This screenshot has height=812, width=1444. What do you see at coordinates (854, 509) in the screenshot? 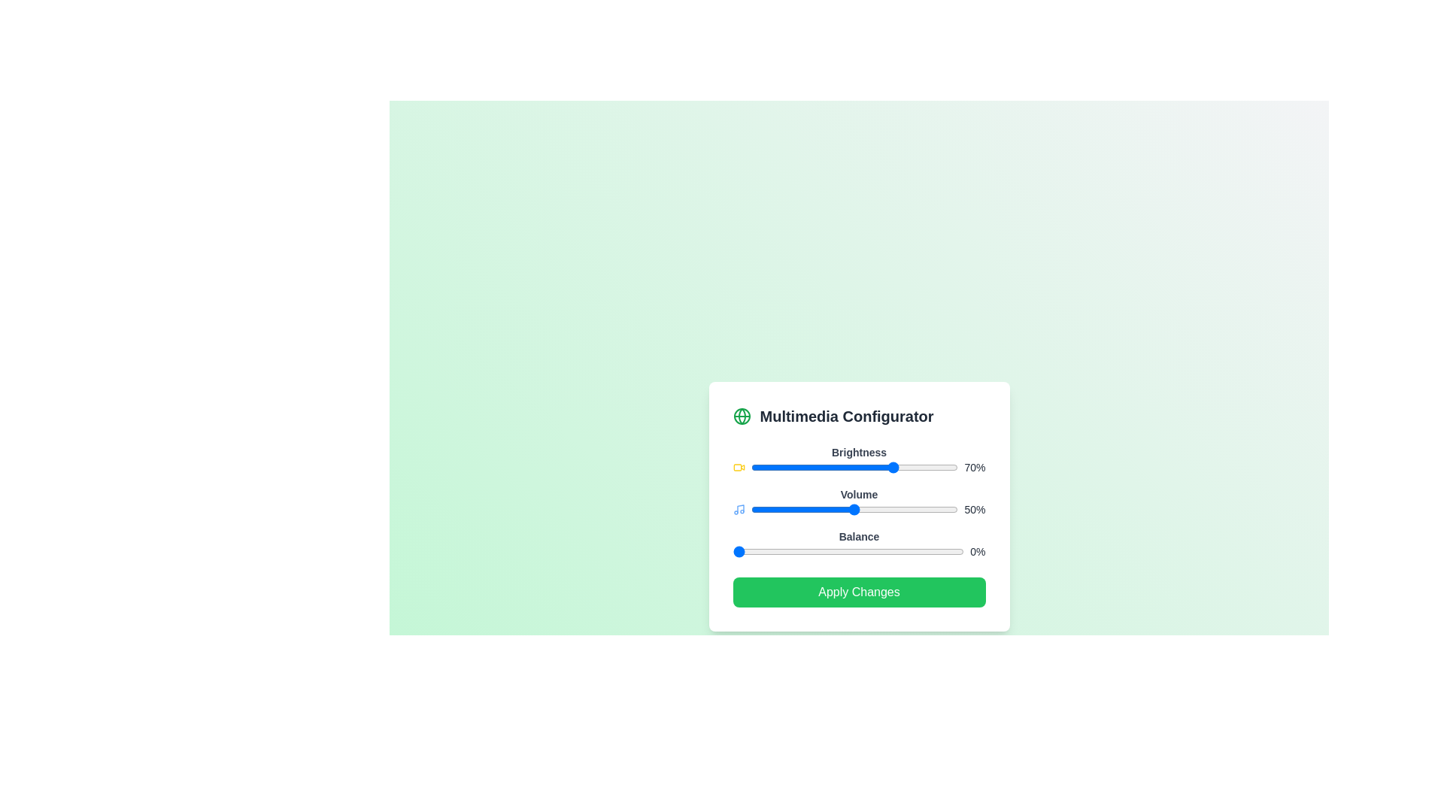
I see `the Volume slider to observe its interactive response` at bounding box center [854, 509].